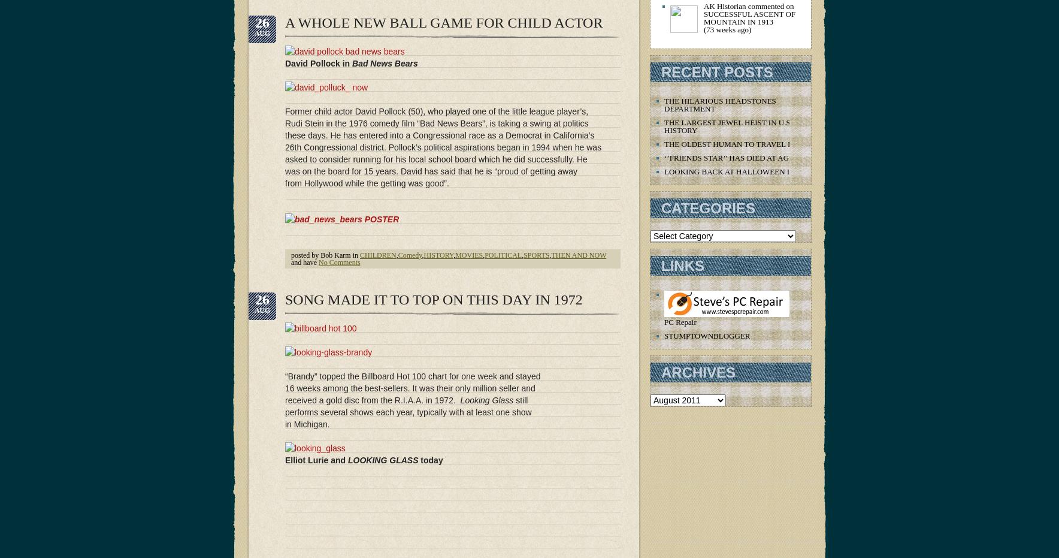 The image size is (1059, 558). I want to click on 'CHILDREN', so click(377, 254).